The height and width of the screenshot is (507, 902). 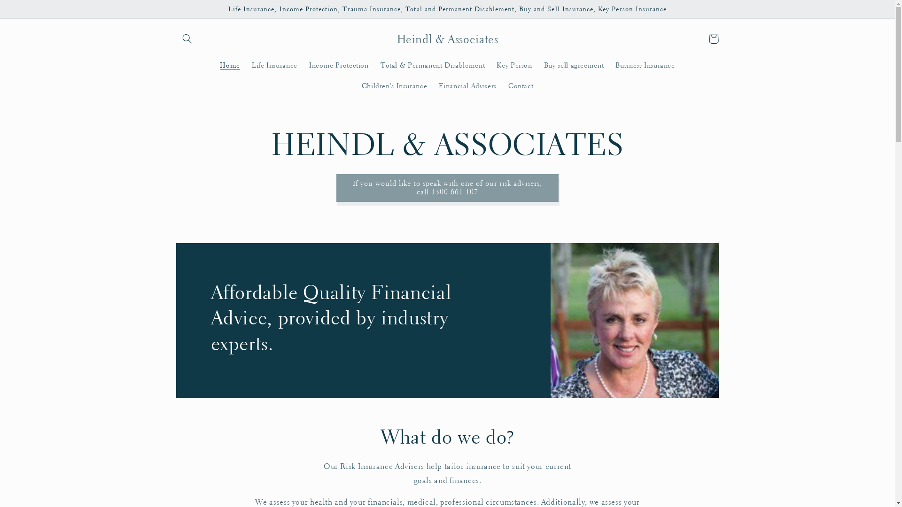 What do you see at coordinates (338, 64) in the screenshot?
I see `'Income Protection'` at bounding box center [338, 64].